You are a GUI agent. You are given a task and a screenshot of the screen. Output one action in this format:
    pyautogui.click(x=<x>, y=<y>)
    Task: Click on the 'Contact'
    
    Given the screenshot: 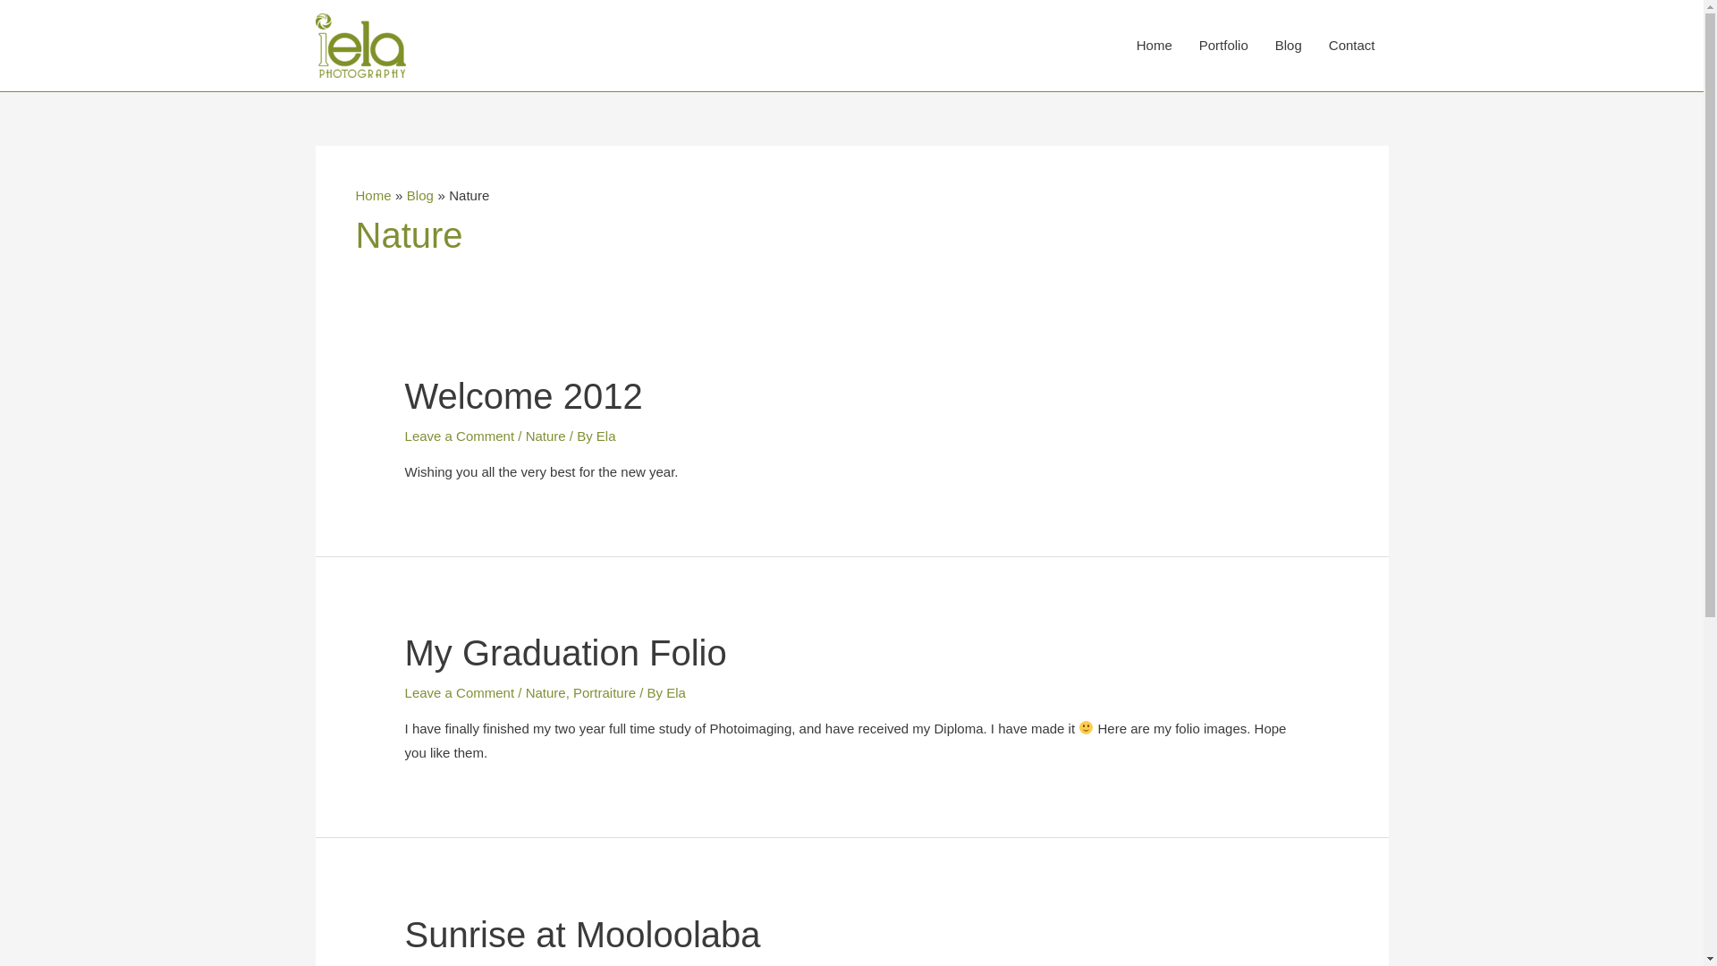 What is the action you would take?
    pyautogui.click(x=1352, y=44)
    